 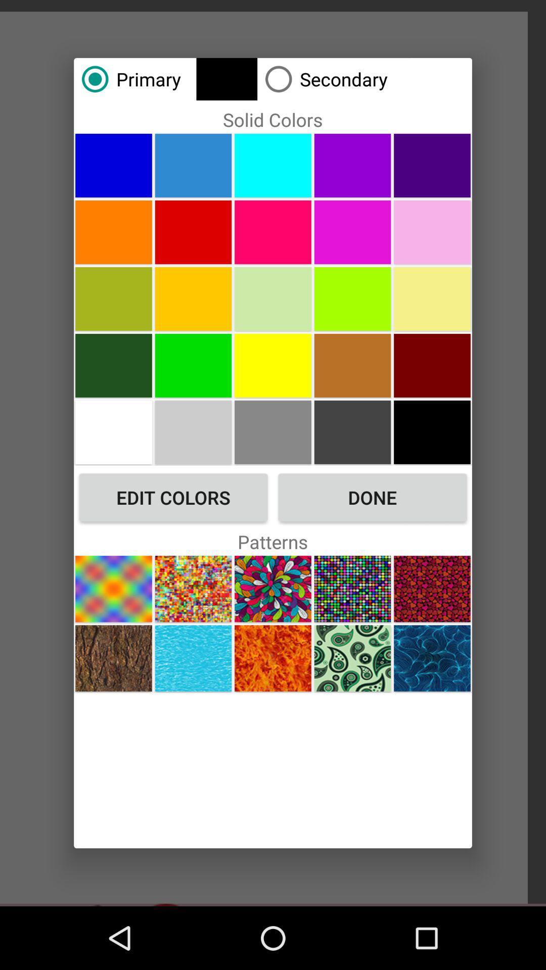 I want to click on the icon above patterns, so click(x=173, y=497).